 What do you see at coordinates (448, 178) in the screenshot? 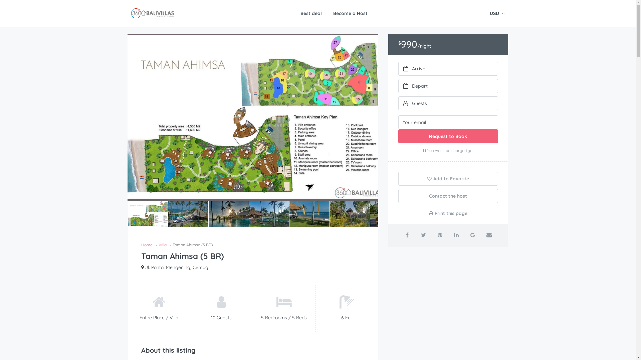
I see `'Add to Favorite'` at bounding box center [448, 178].